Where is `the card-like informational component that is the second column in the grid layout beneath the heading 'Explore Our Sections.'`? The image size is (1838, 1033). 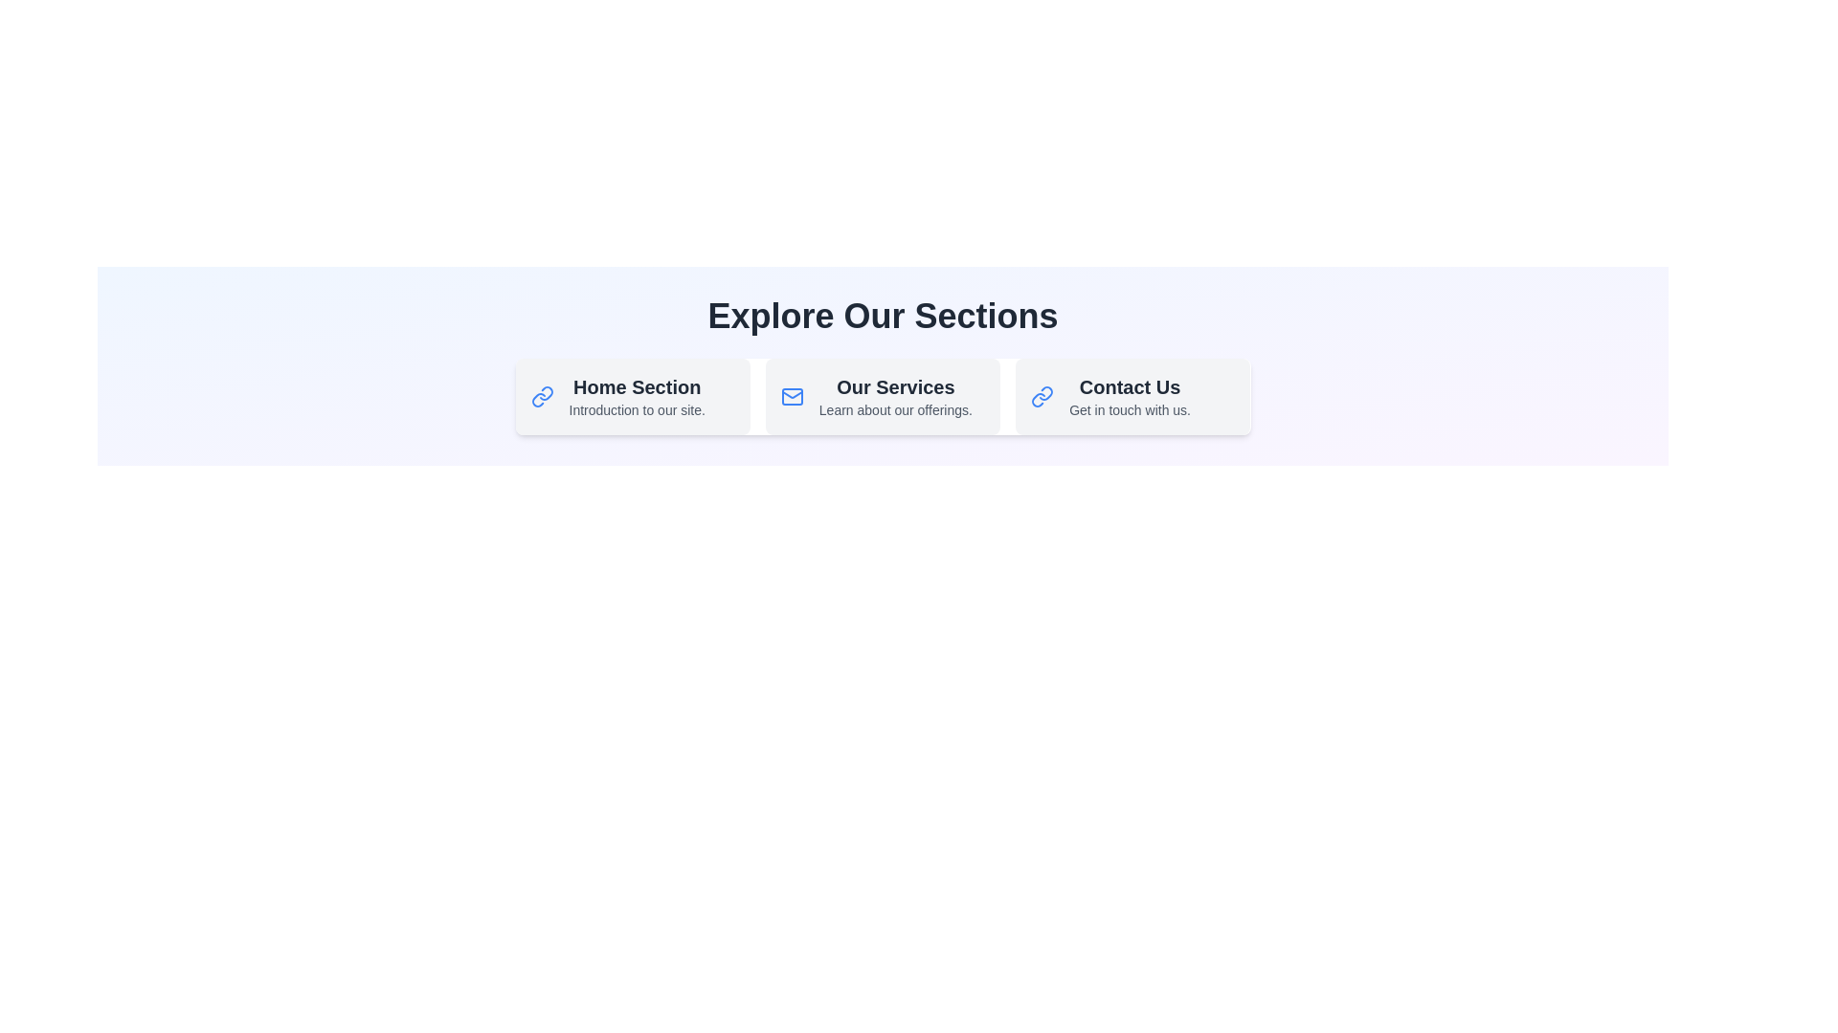
the card-like informational component that is the second column in the grid layout beneath the heading 'Explore Our Sections.' is located at coordinates (882, 396).